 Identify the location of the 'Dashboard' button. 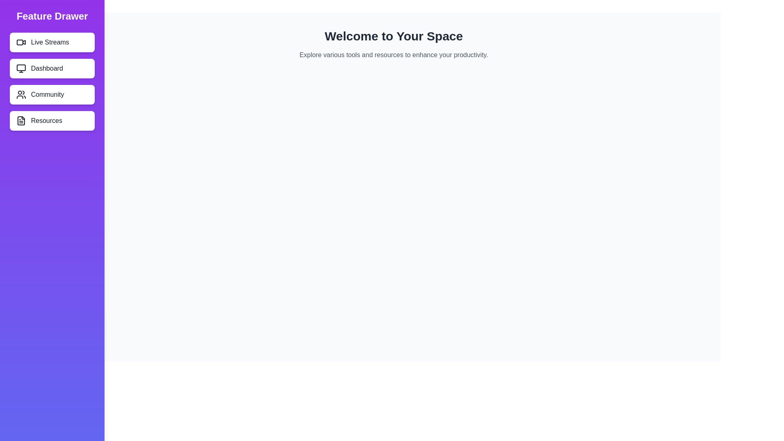
(52, 68).